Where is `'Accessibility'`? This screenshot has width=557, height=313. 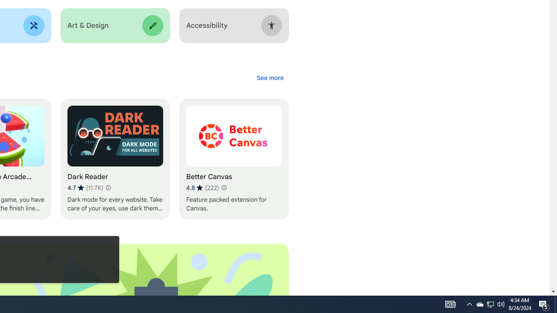 'Accessibility' is located at coordinates (234, 25).